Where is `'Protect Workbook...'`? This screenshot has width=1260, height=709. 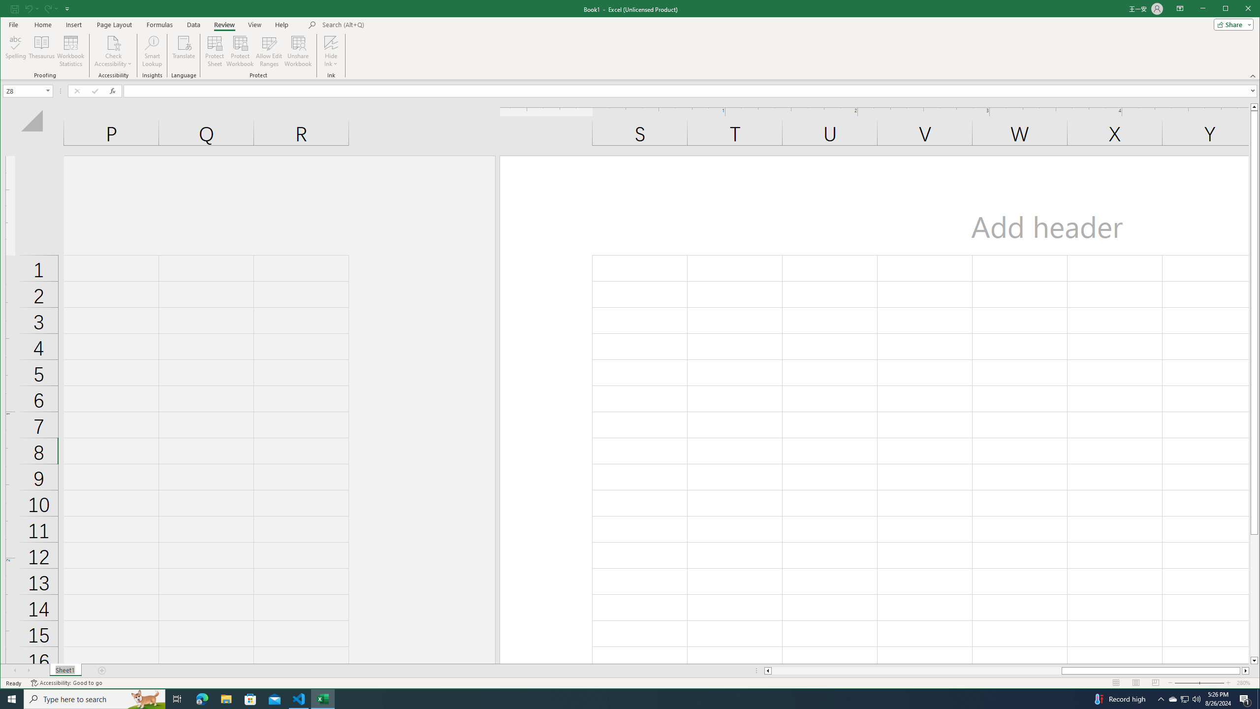
'Protect Workbook...' is located at coordinates (239, 51).